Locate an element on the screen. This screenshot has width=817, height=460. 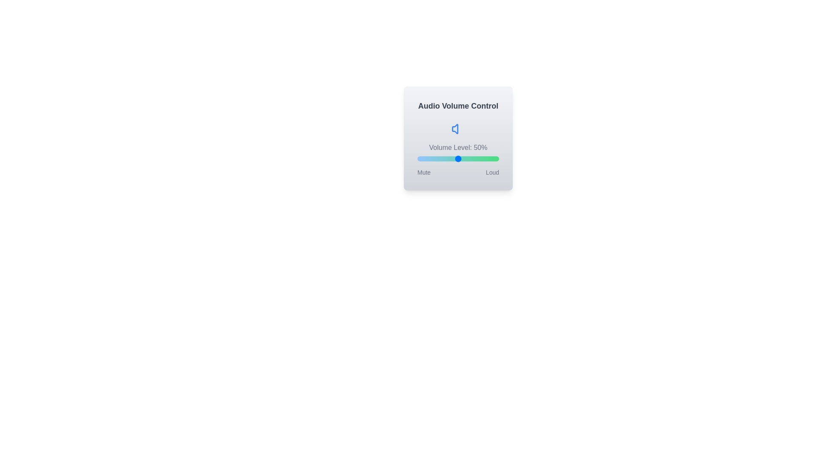
the volume slider to set the volume to 90% is located at coordinates (491, 159).